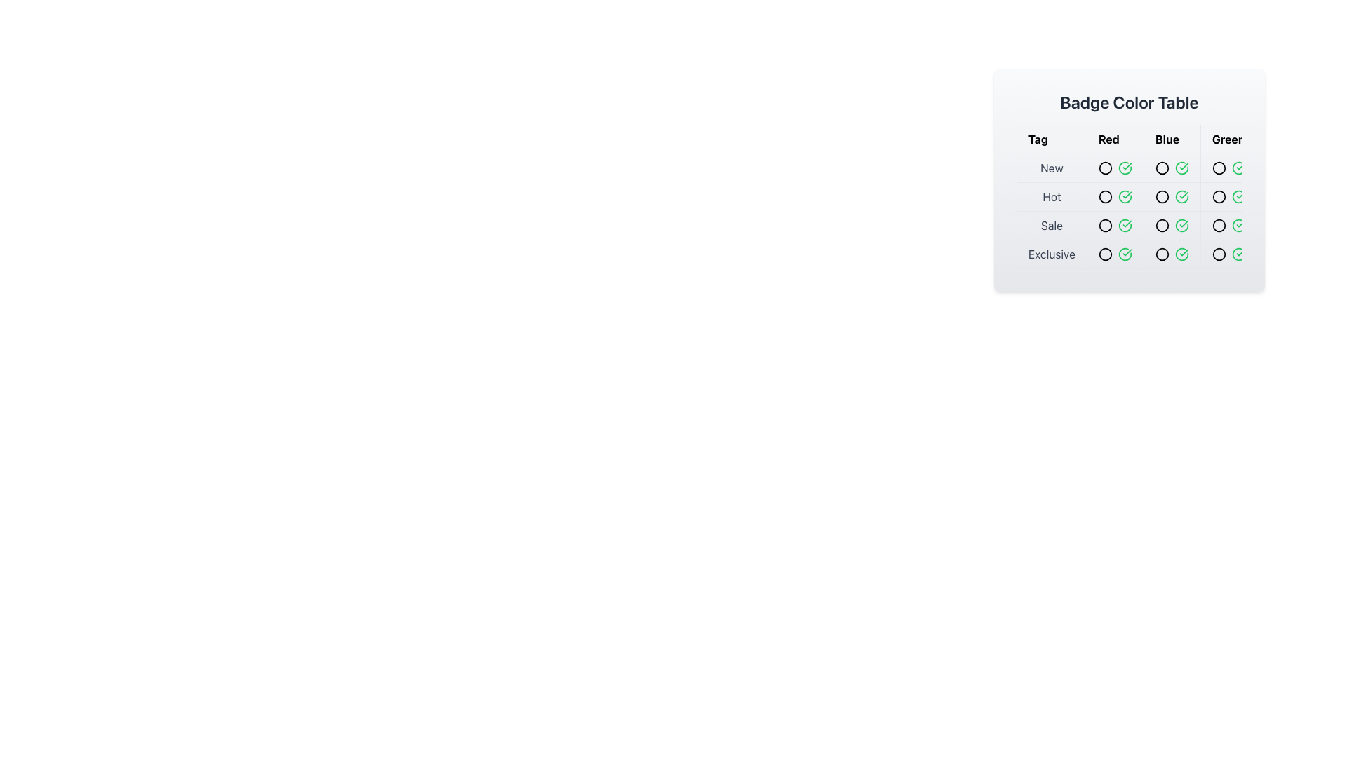  Describe the element at coordinates (1172, 197) in the screenshot. I see `the combined visual indicators representing the status in the 'Blue' category for the 'Hot' row` at that location.